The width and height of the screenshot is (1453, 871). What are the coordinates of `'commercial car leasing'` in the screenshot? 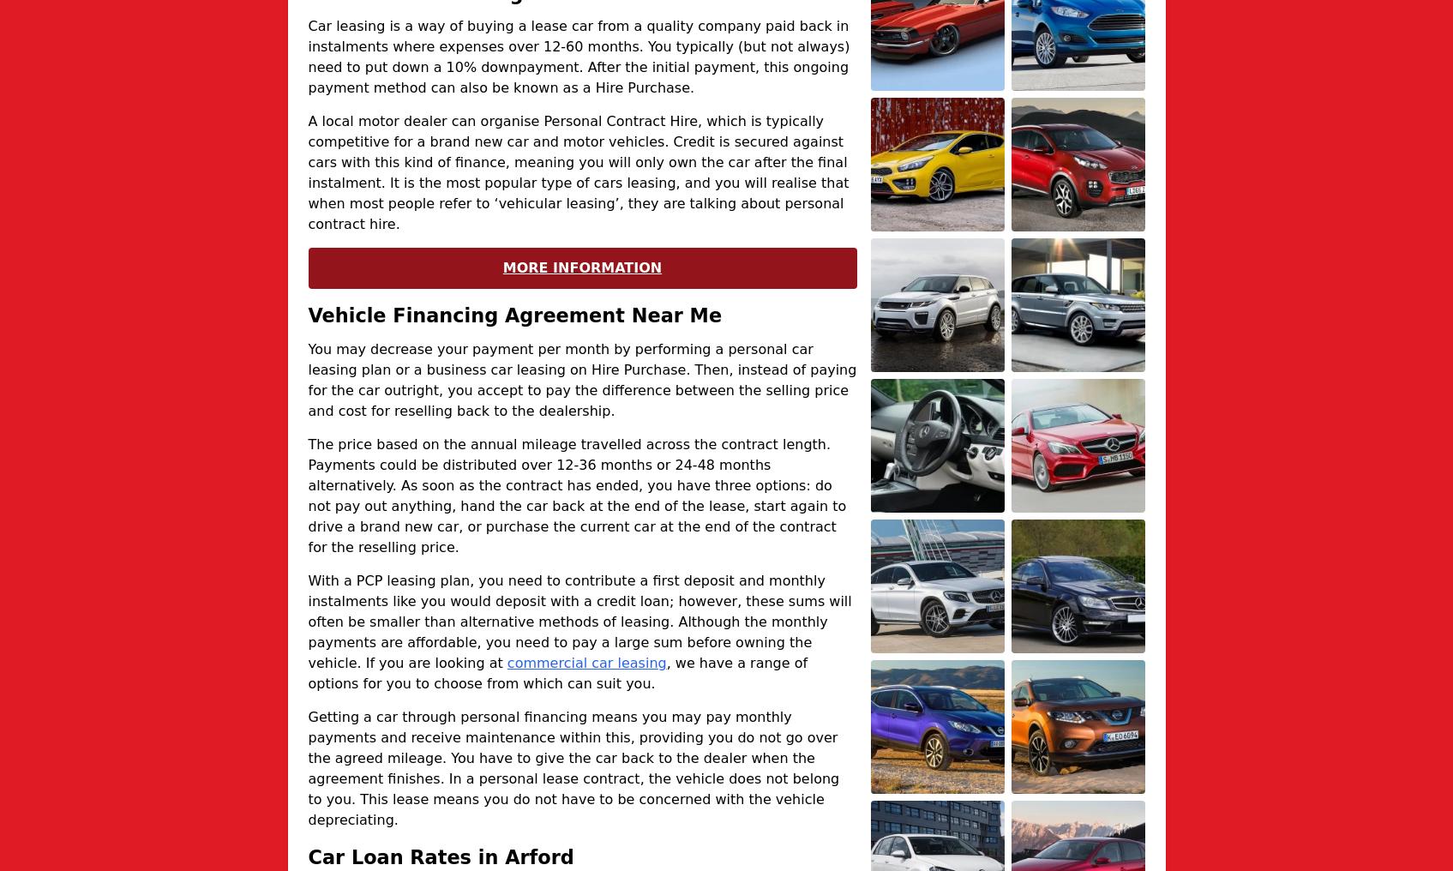 It's located at (506, 661).